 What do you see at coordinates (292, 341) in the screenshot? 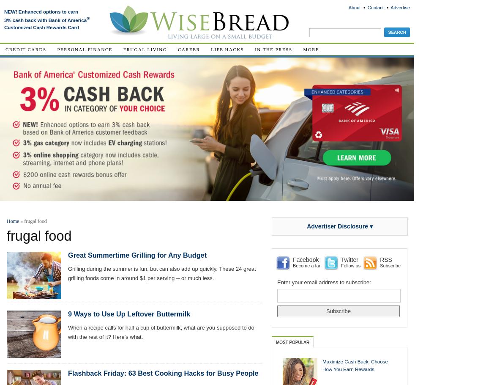
I see `'Most Popular'` at bounding box center [292, 341].